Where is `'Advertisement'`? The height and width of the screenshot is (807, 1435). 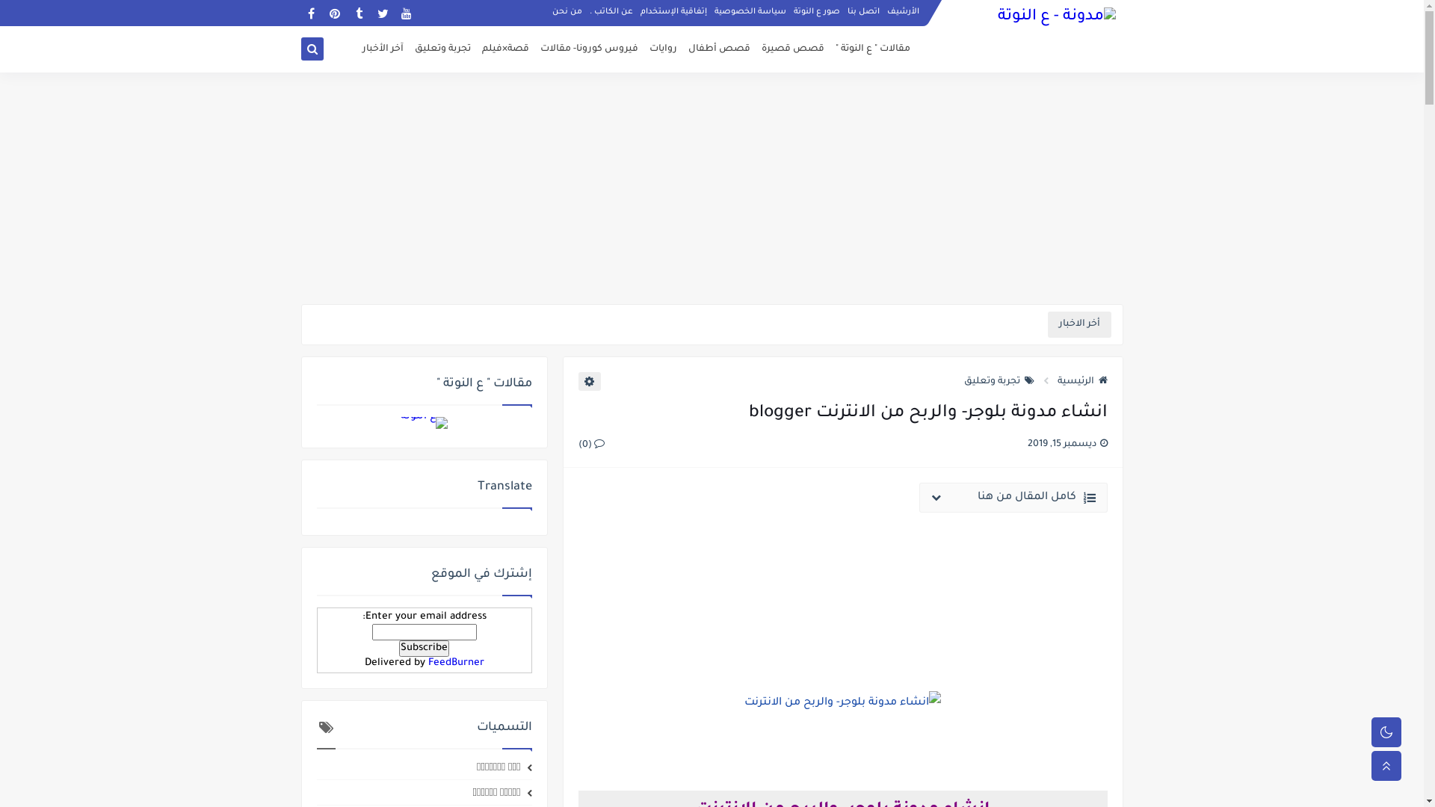 'Advertisement' is located at coordinates (843, 588).